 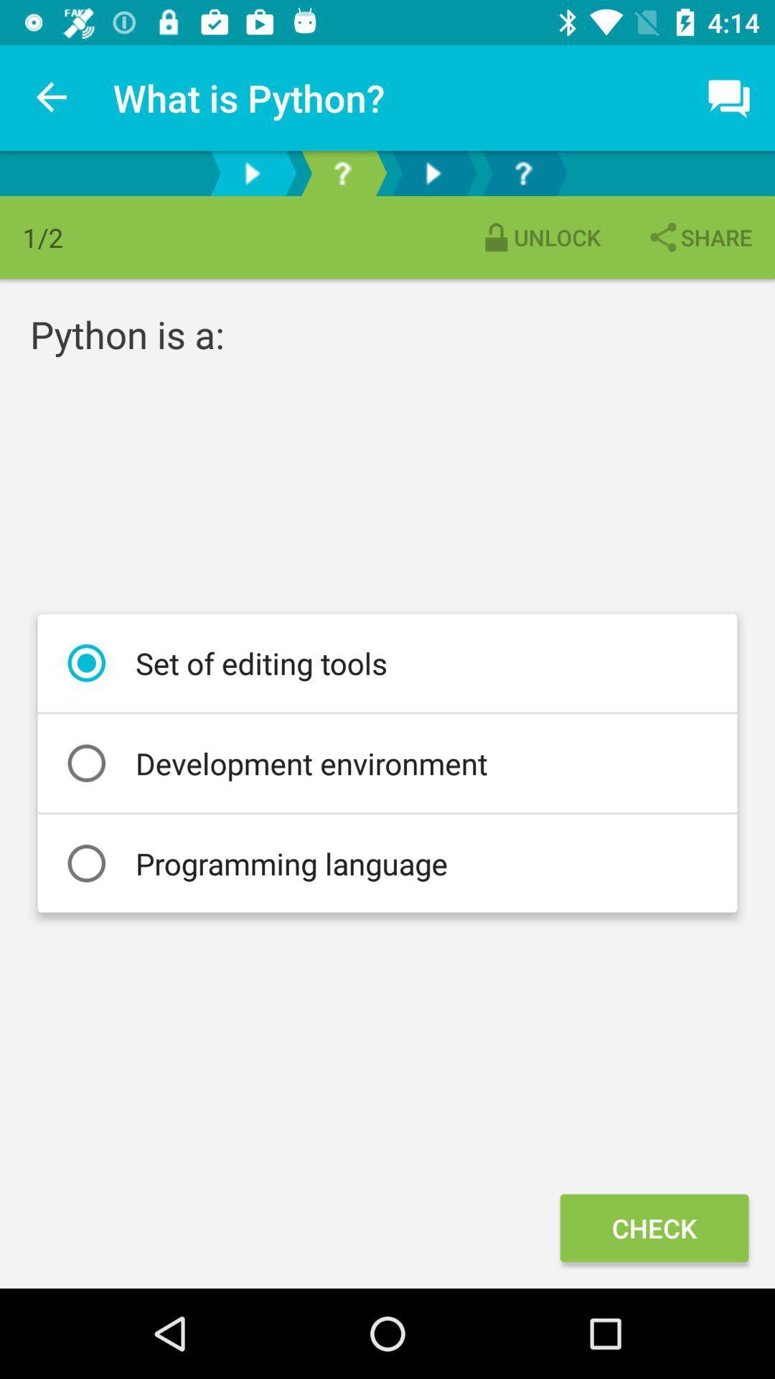 What do you see at coordinates (523, 172) in the screenshot?
I see `r` at bounding box center [523, 172].